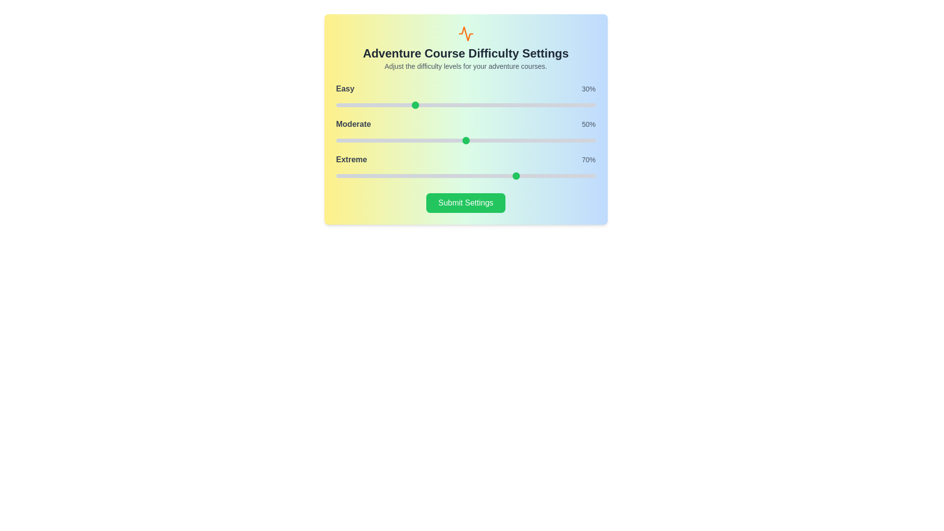 The image size is (944, 531). Describe the element at coordinates (465, 202) in the screenshot. I see `'Submit Settings' button to save the changes` at that location.